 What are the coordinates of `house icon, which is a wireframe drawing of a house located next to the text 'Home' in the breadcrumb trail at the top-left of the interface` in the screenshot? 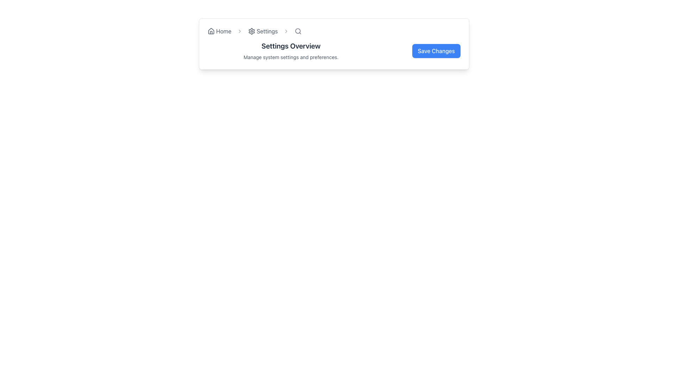 It's located at (211, 31).